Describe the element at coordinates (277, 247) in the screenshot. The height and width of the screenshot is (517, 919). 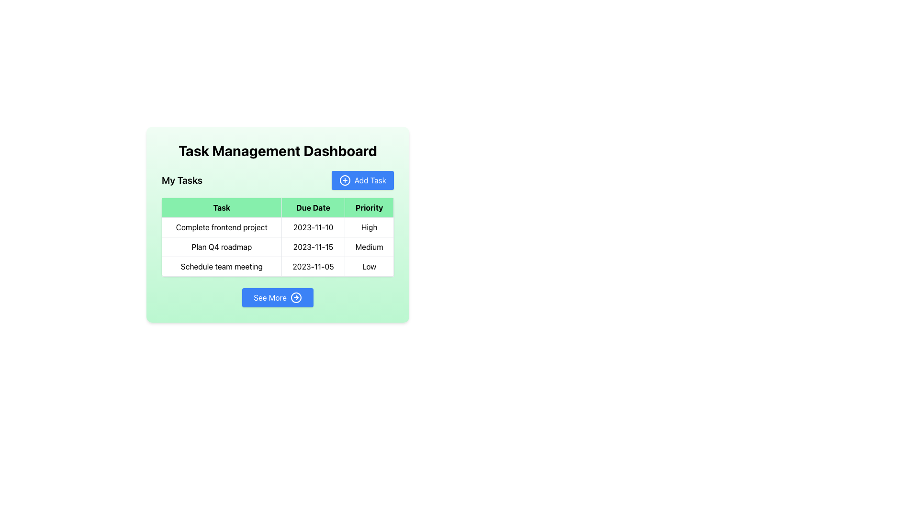
I see `the second row in the task table that displays task information within the 'My Tasks' section of the dashboard` at that location.